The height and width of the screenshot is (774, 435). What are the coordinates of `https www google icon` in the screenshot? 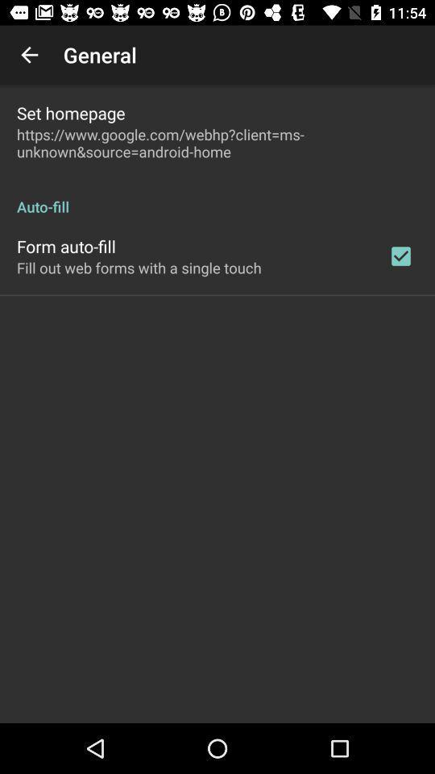 It's located at (217, 142).